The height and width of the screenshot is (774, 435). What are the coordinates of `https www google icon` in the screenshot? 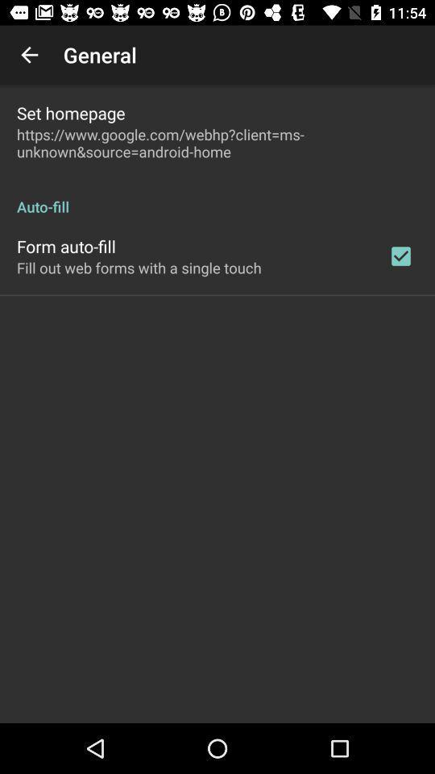 It's located at (217, 142).